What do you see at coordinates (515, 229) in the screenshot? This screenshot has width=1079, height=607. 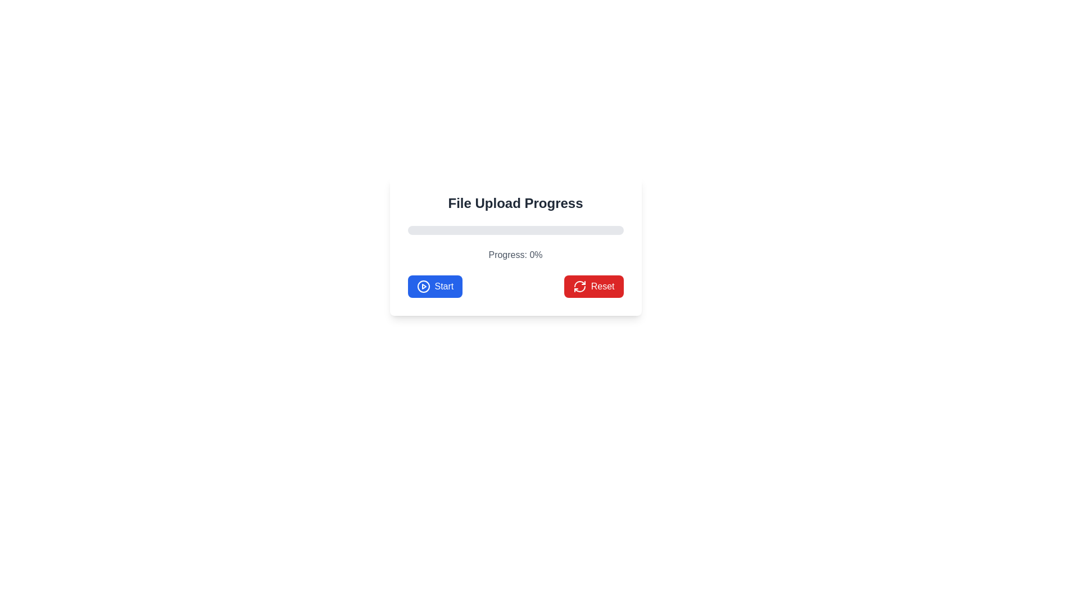 I see `the thin, horizontal progress bar with a gray background and rounded corners, located below the 'File Upload Progress' header and above the 'Progress: 0%' text` at bounding box center [515, 229].